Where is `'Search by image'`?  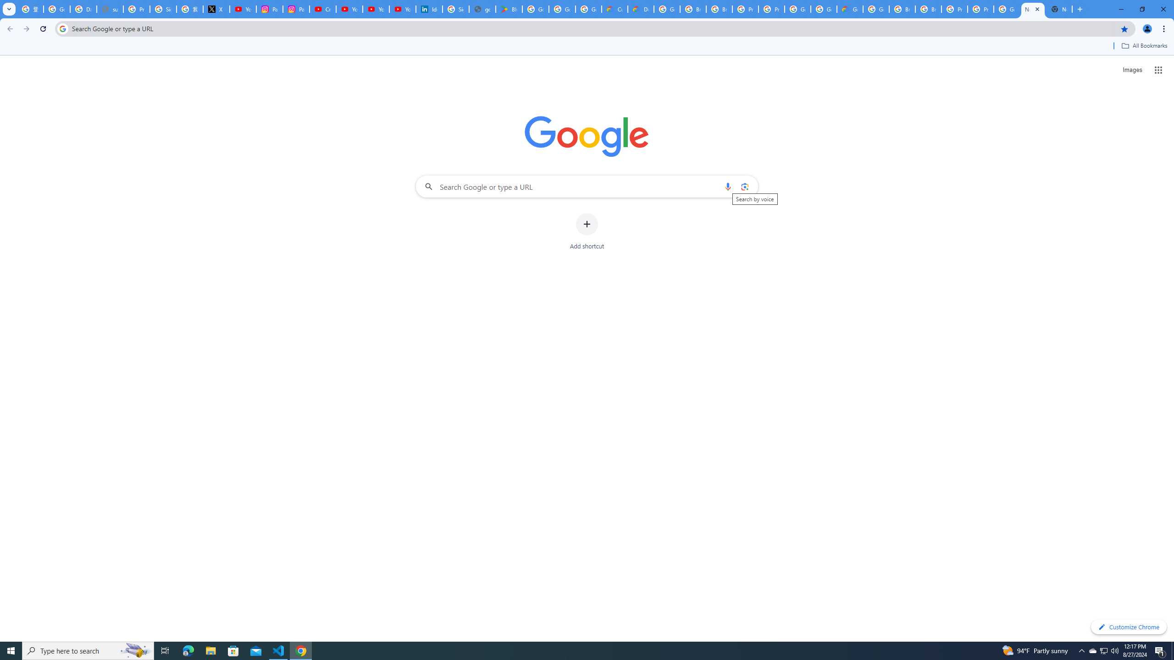 'Search by image' is located at coordinates (744, 186).